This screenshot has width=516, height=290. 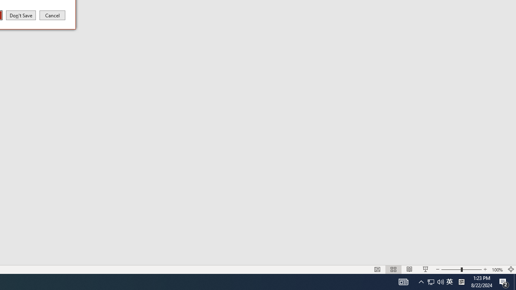 I want to click on 'Action Center, 2 new notifications', so click(x=504, y=281).